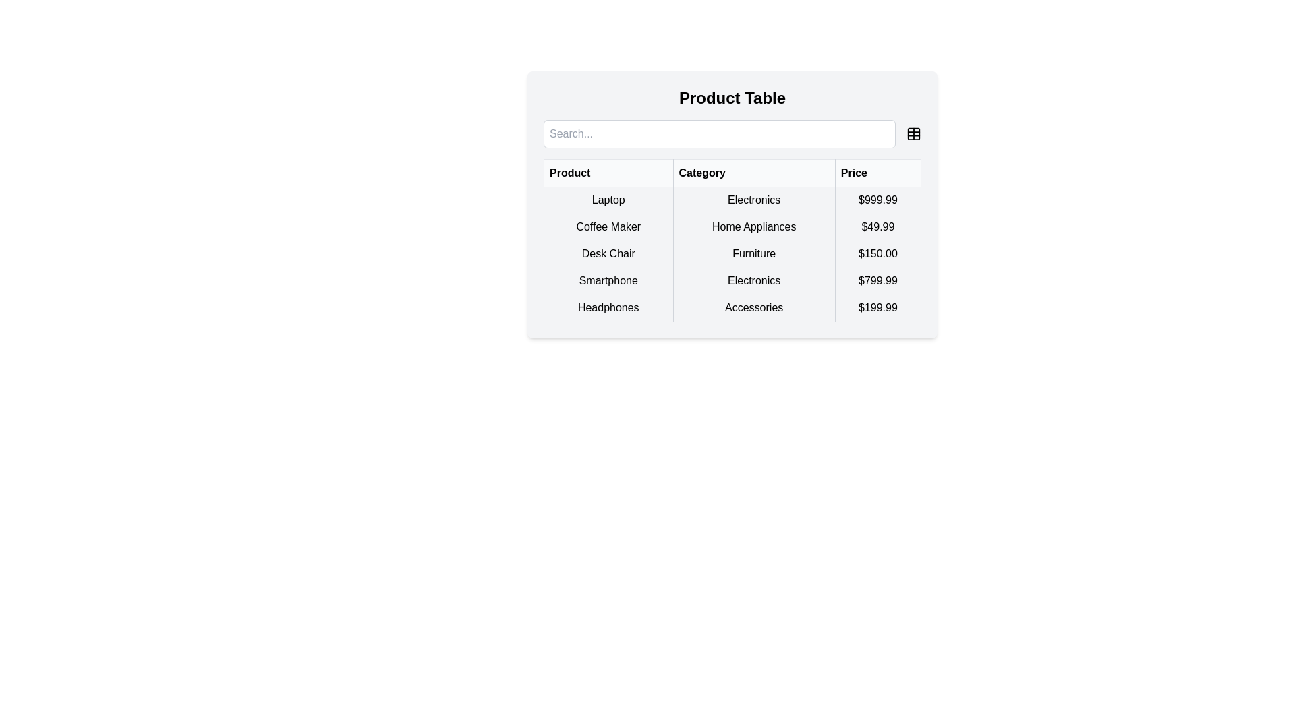 Image resolution: width=1295 pixels, height=728 pixels. I want to click on the text display showing '$150.00' in bold style located in the 'Price' column of the table under the row labeled 'Desk Chair' and 'Furniture', so click(877, 254).